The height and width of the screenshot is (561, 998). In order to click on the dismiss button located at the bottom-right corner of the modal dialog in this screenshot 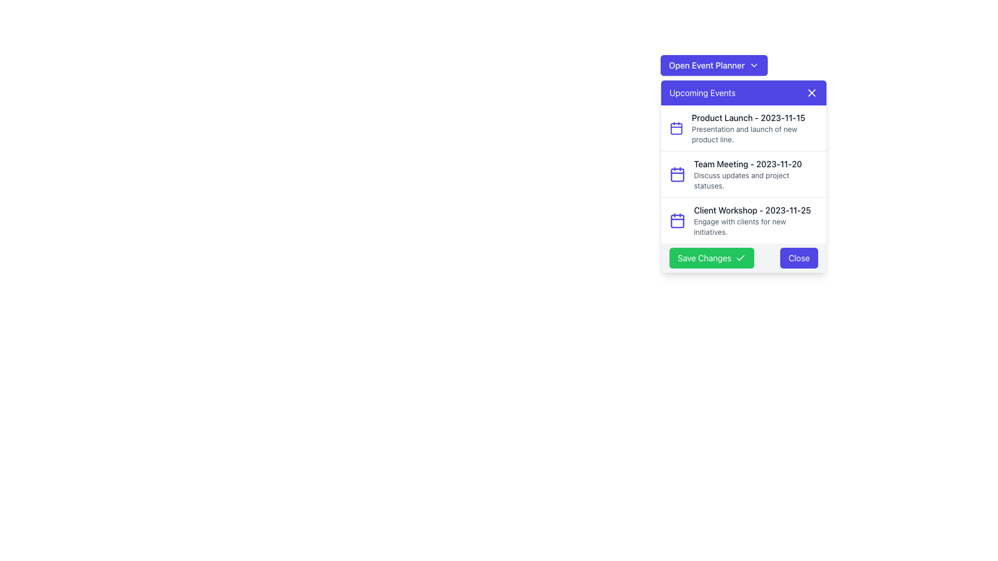, I will do `click(798, 258)`.